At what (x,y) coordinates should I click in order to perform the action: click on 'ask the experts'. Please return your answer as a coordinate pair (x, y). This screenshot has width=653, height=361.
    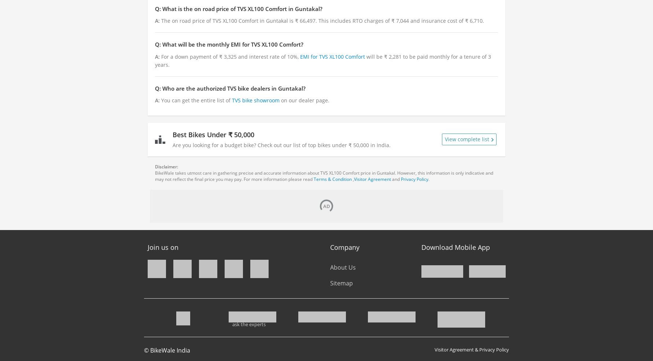
    Looking at the image, I should click on (232, 324).